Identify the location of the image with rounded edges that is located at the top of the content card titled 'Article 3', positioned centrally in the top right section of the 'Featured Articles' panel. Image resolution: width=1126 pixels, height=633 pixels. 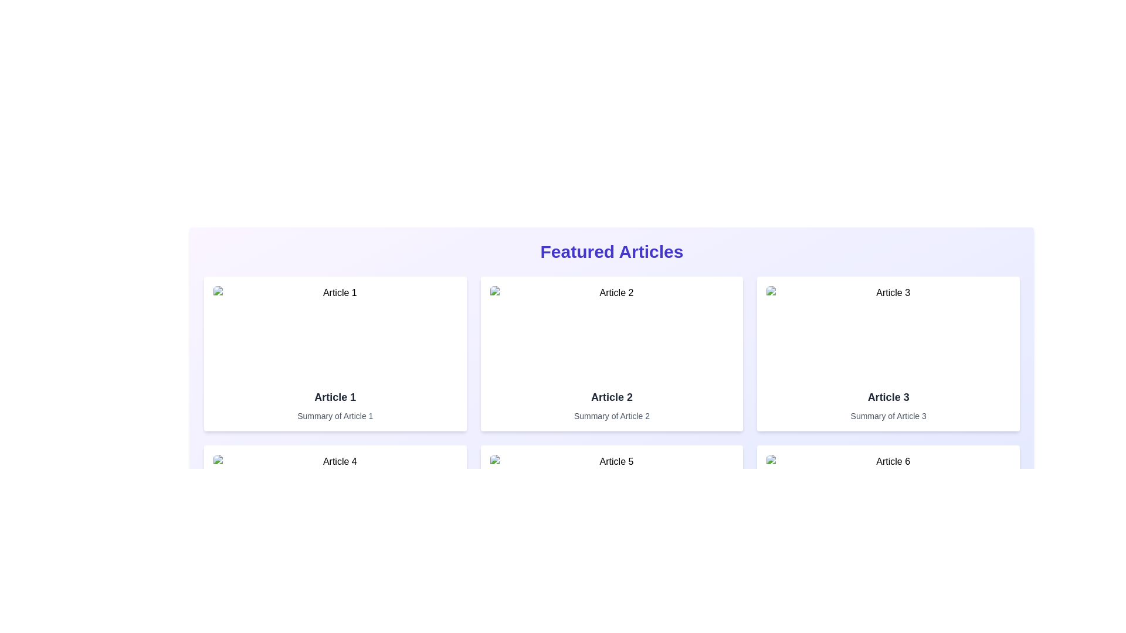
(888, 332).